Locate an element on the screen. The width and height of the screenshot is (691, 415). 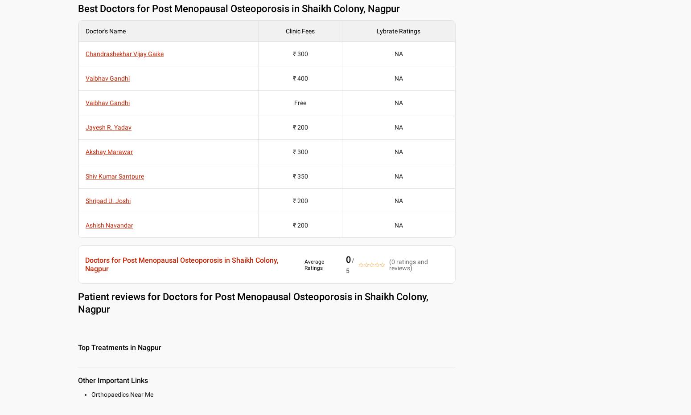
'Other Important Links' is located at coordinates (113, 380).